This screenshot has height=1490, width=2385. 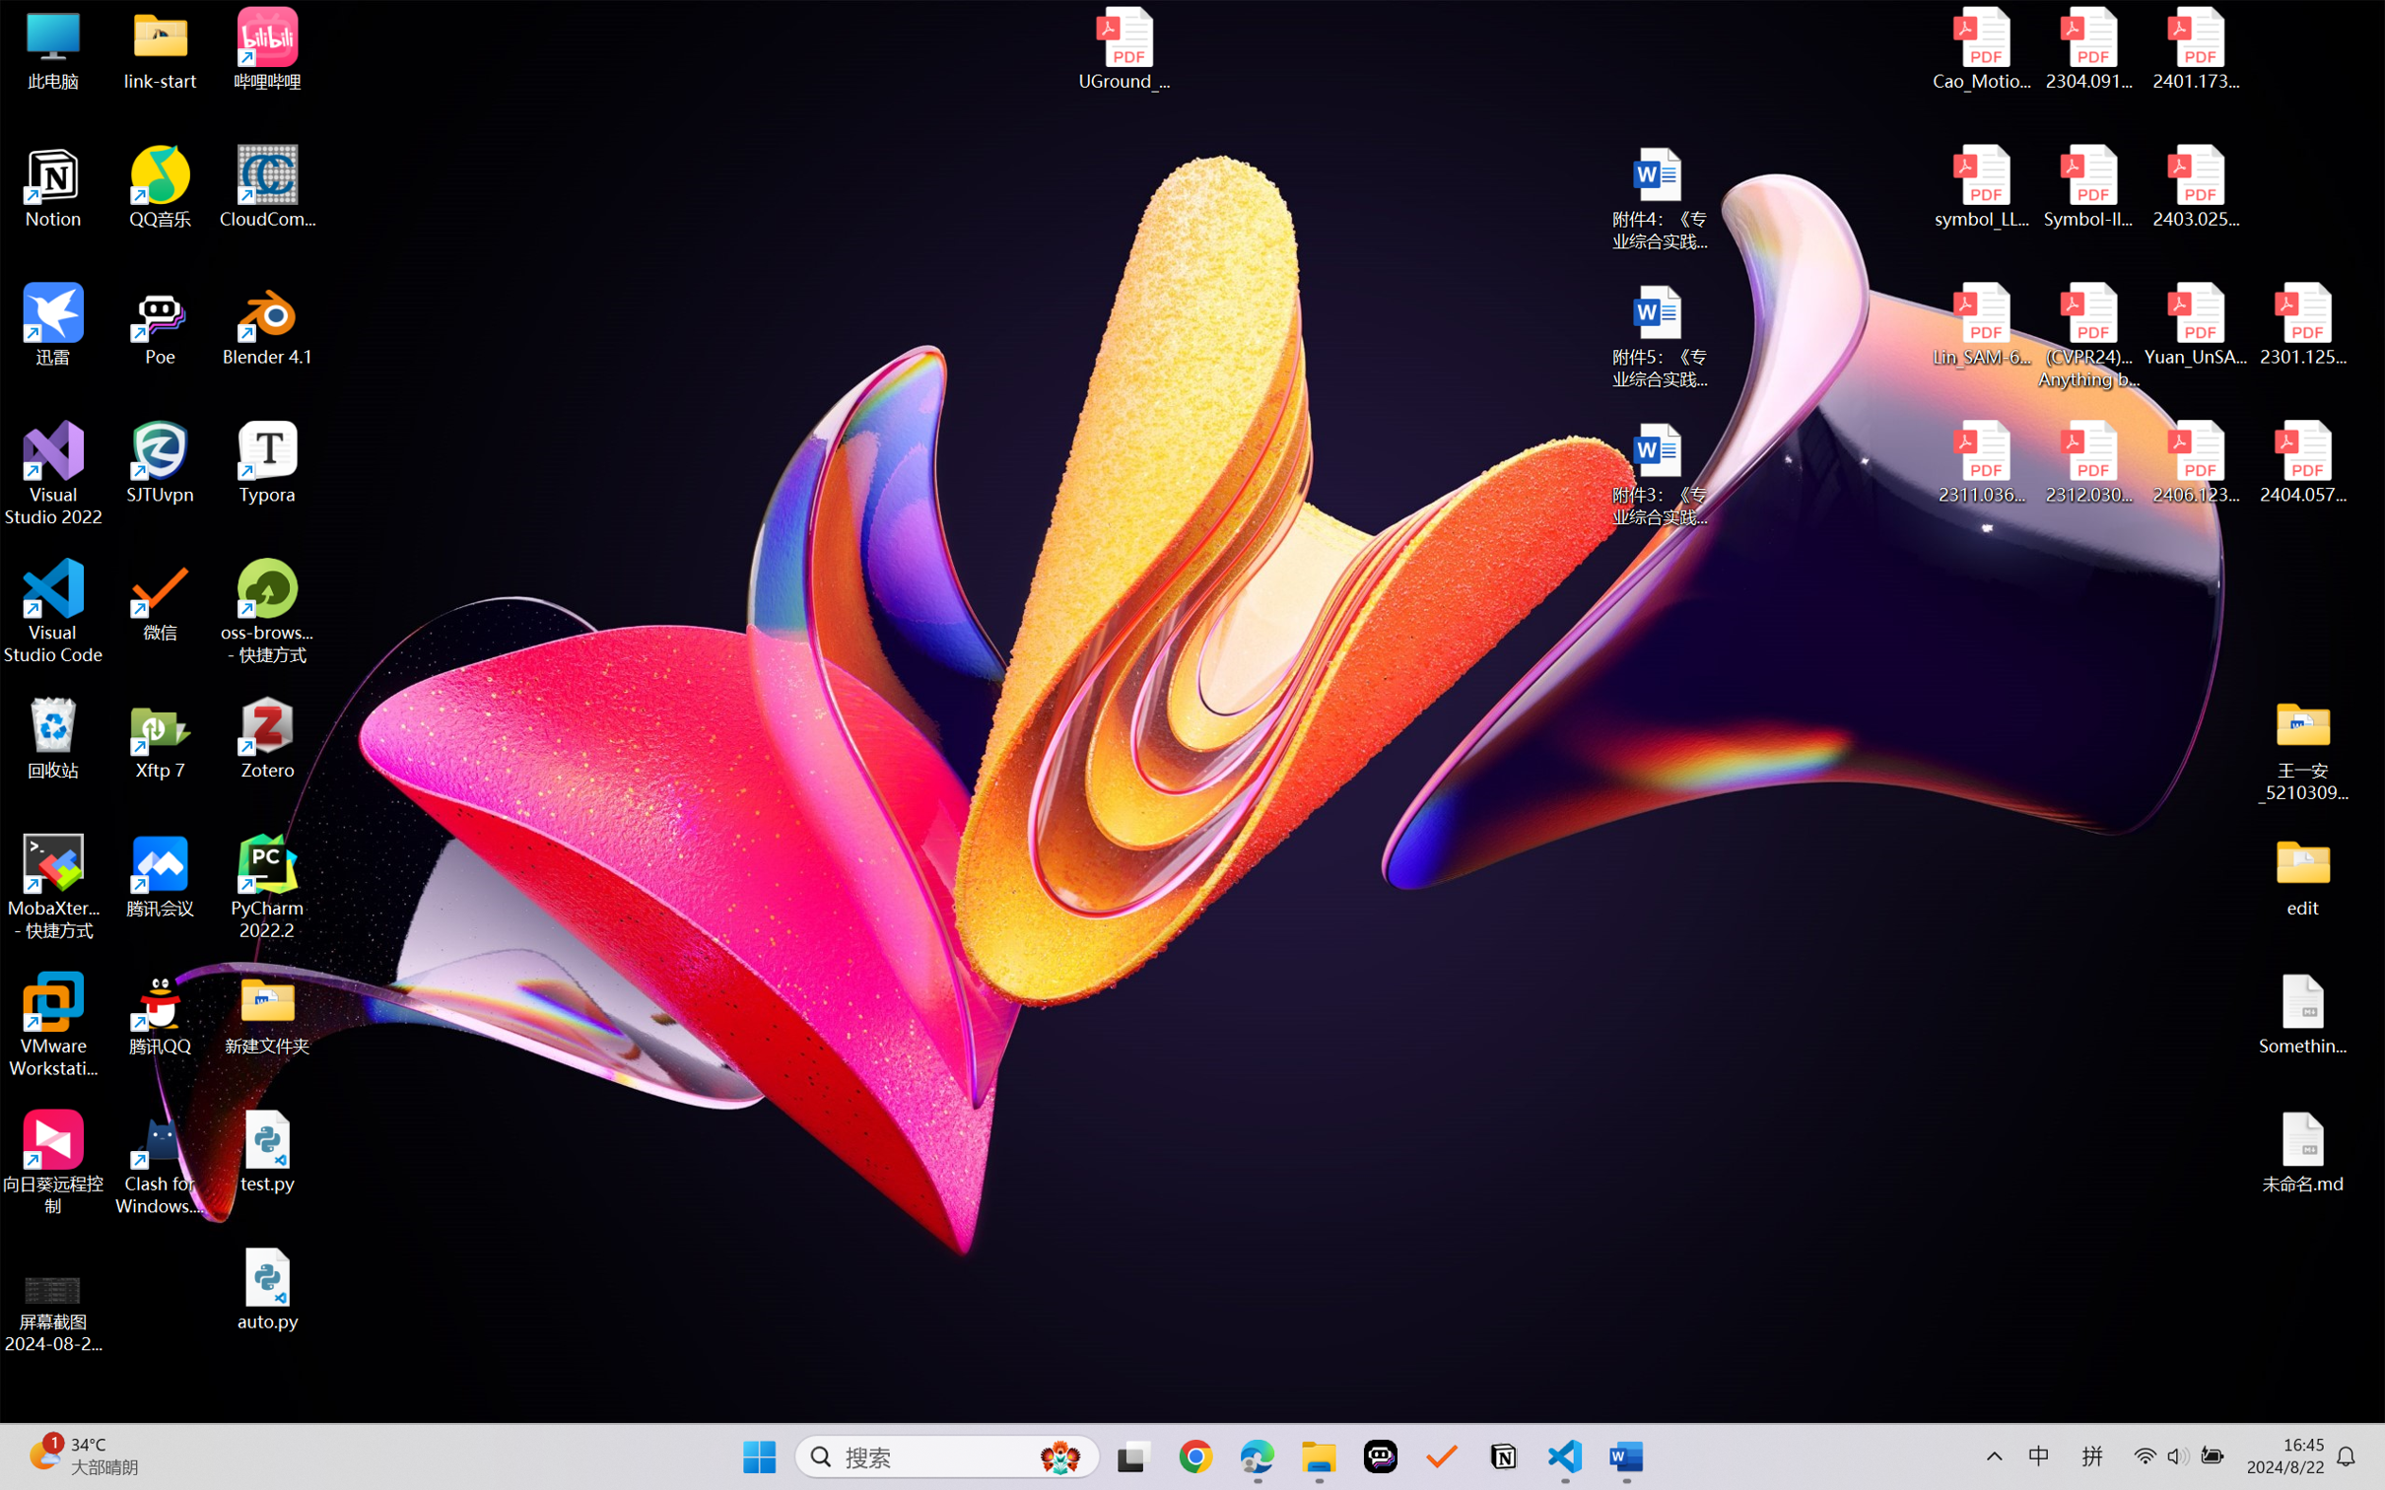 I want to click on 'CloudCompare', so click(x=267, y=187).